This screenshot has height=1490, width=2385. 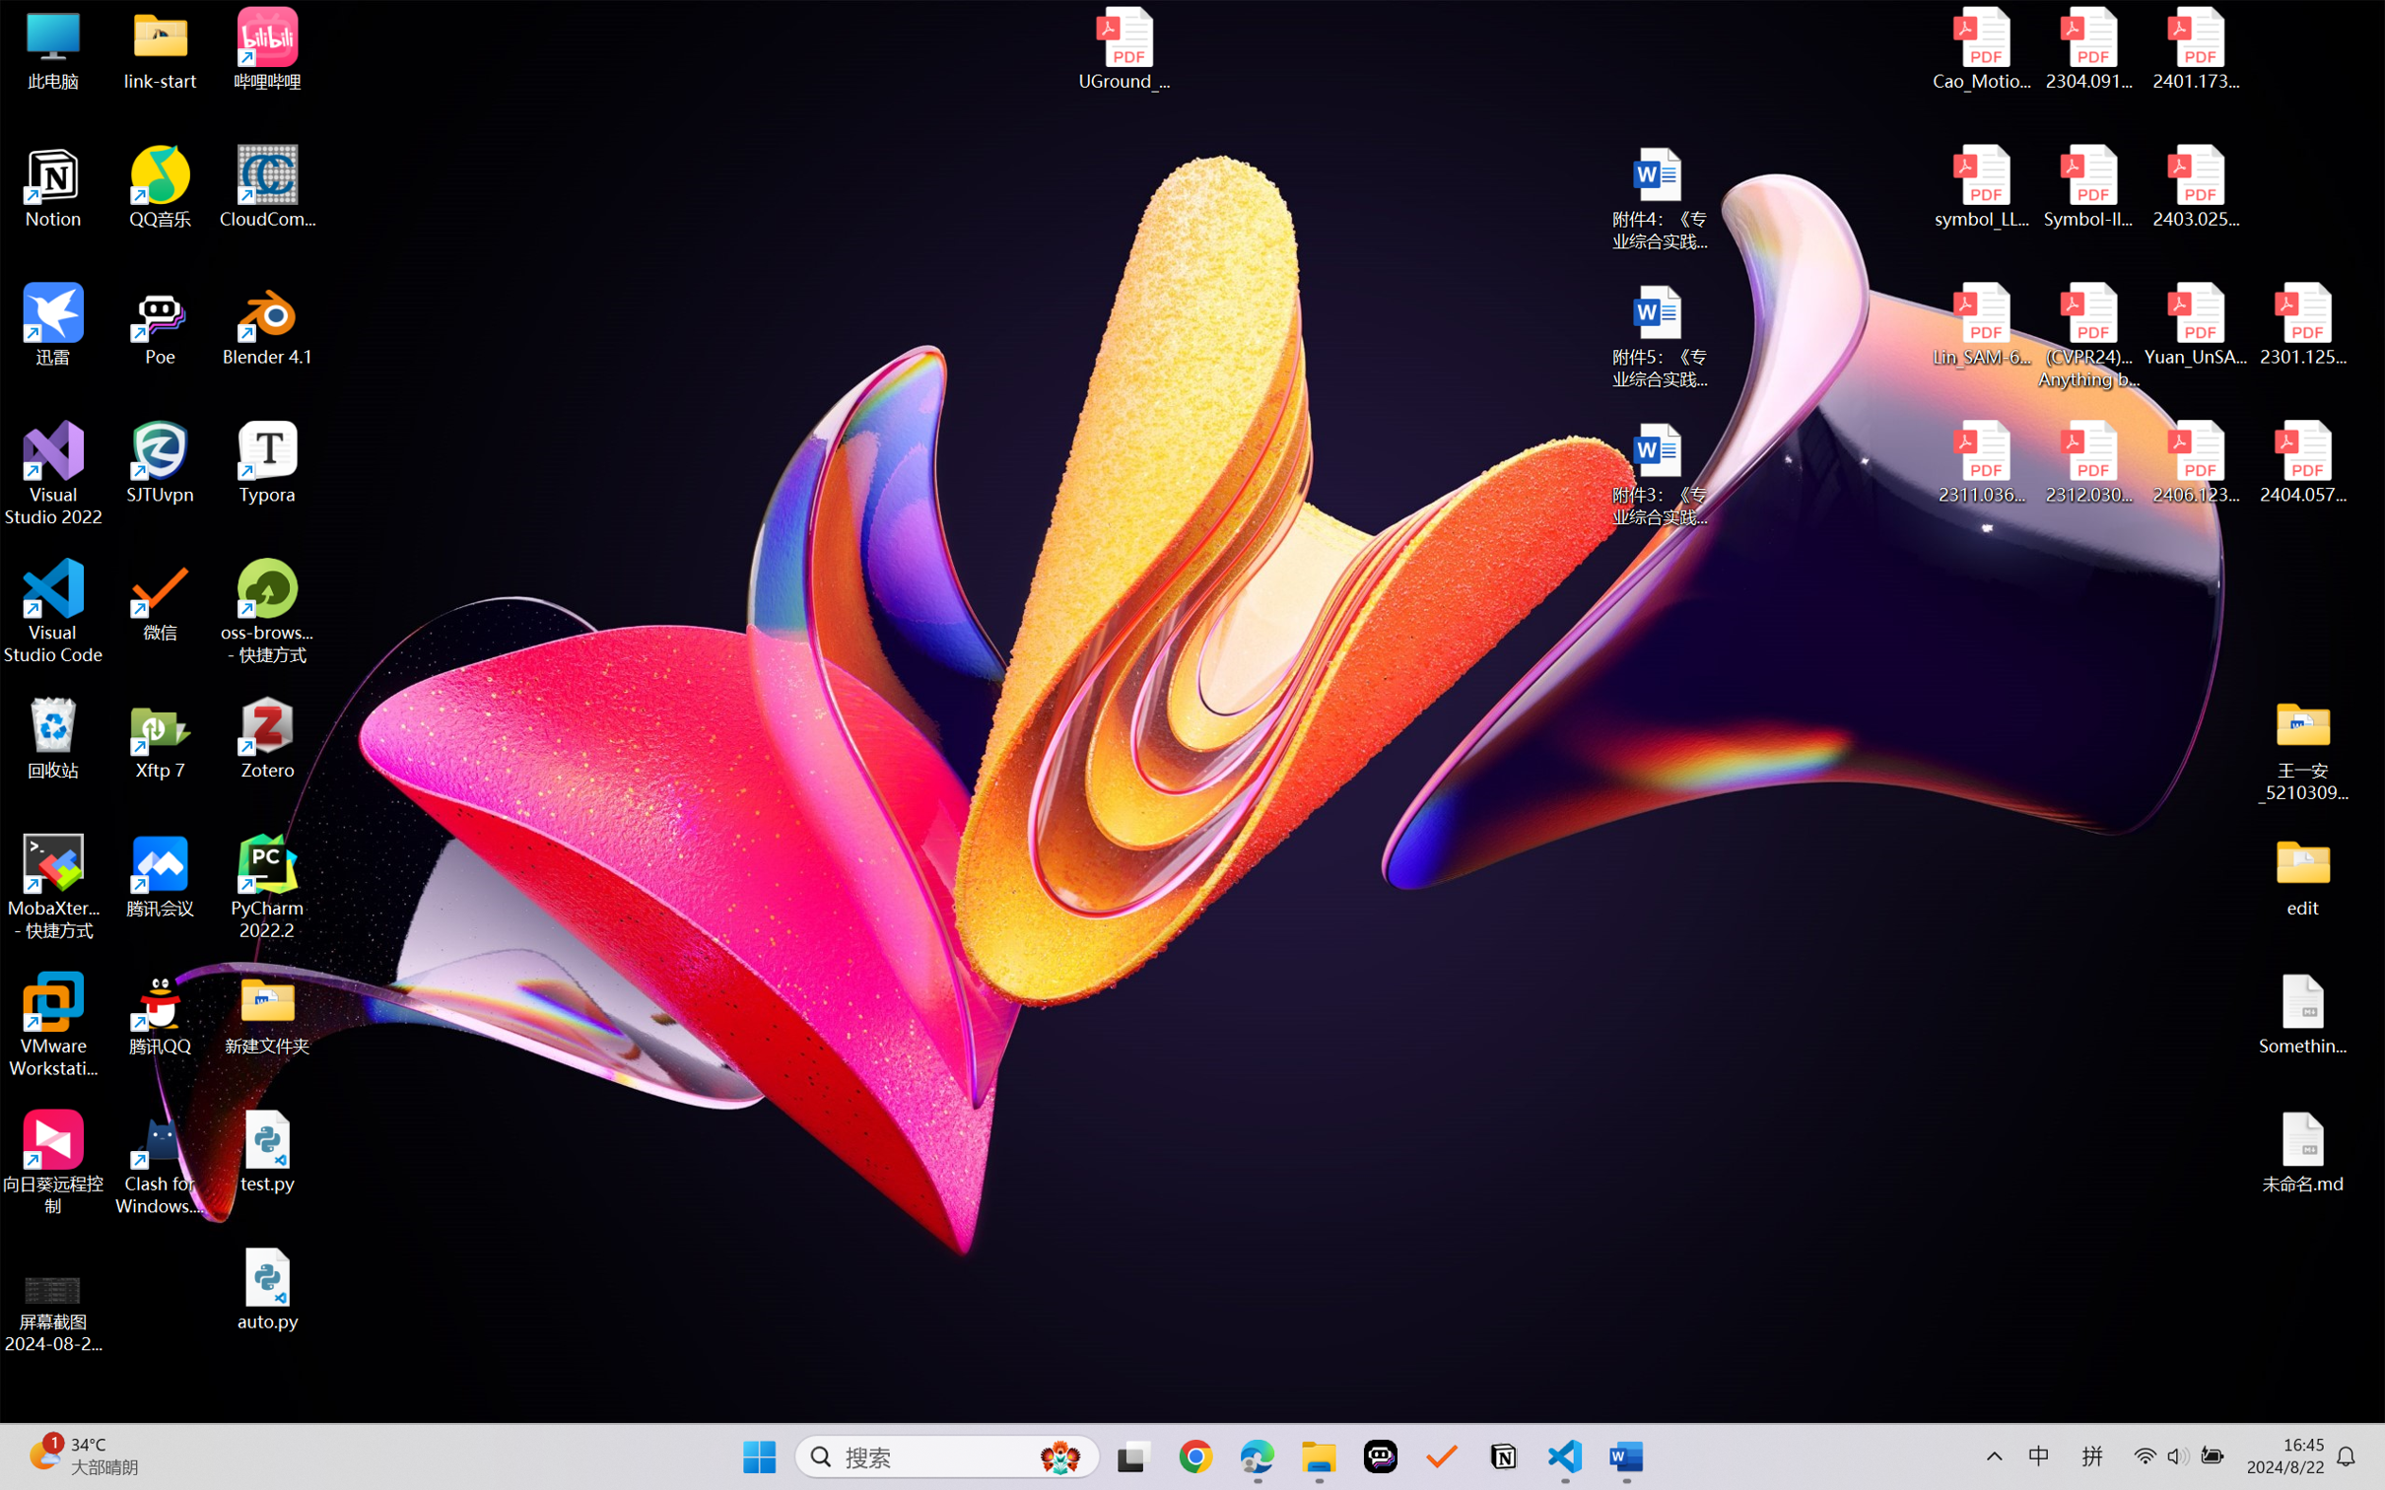 I want to click on 'CloudCompare', so click(x=267, y=187).